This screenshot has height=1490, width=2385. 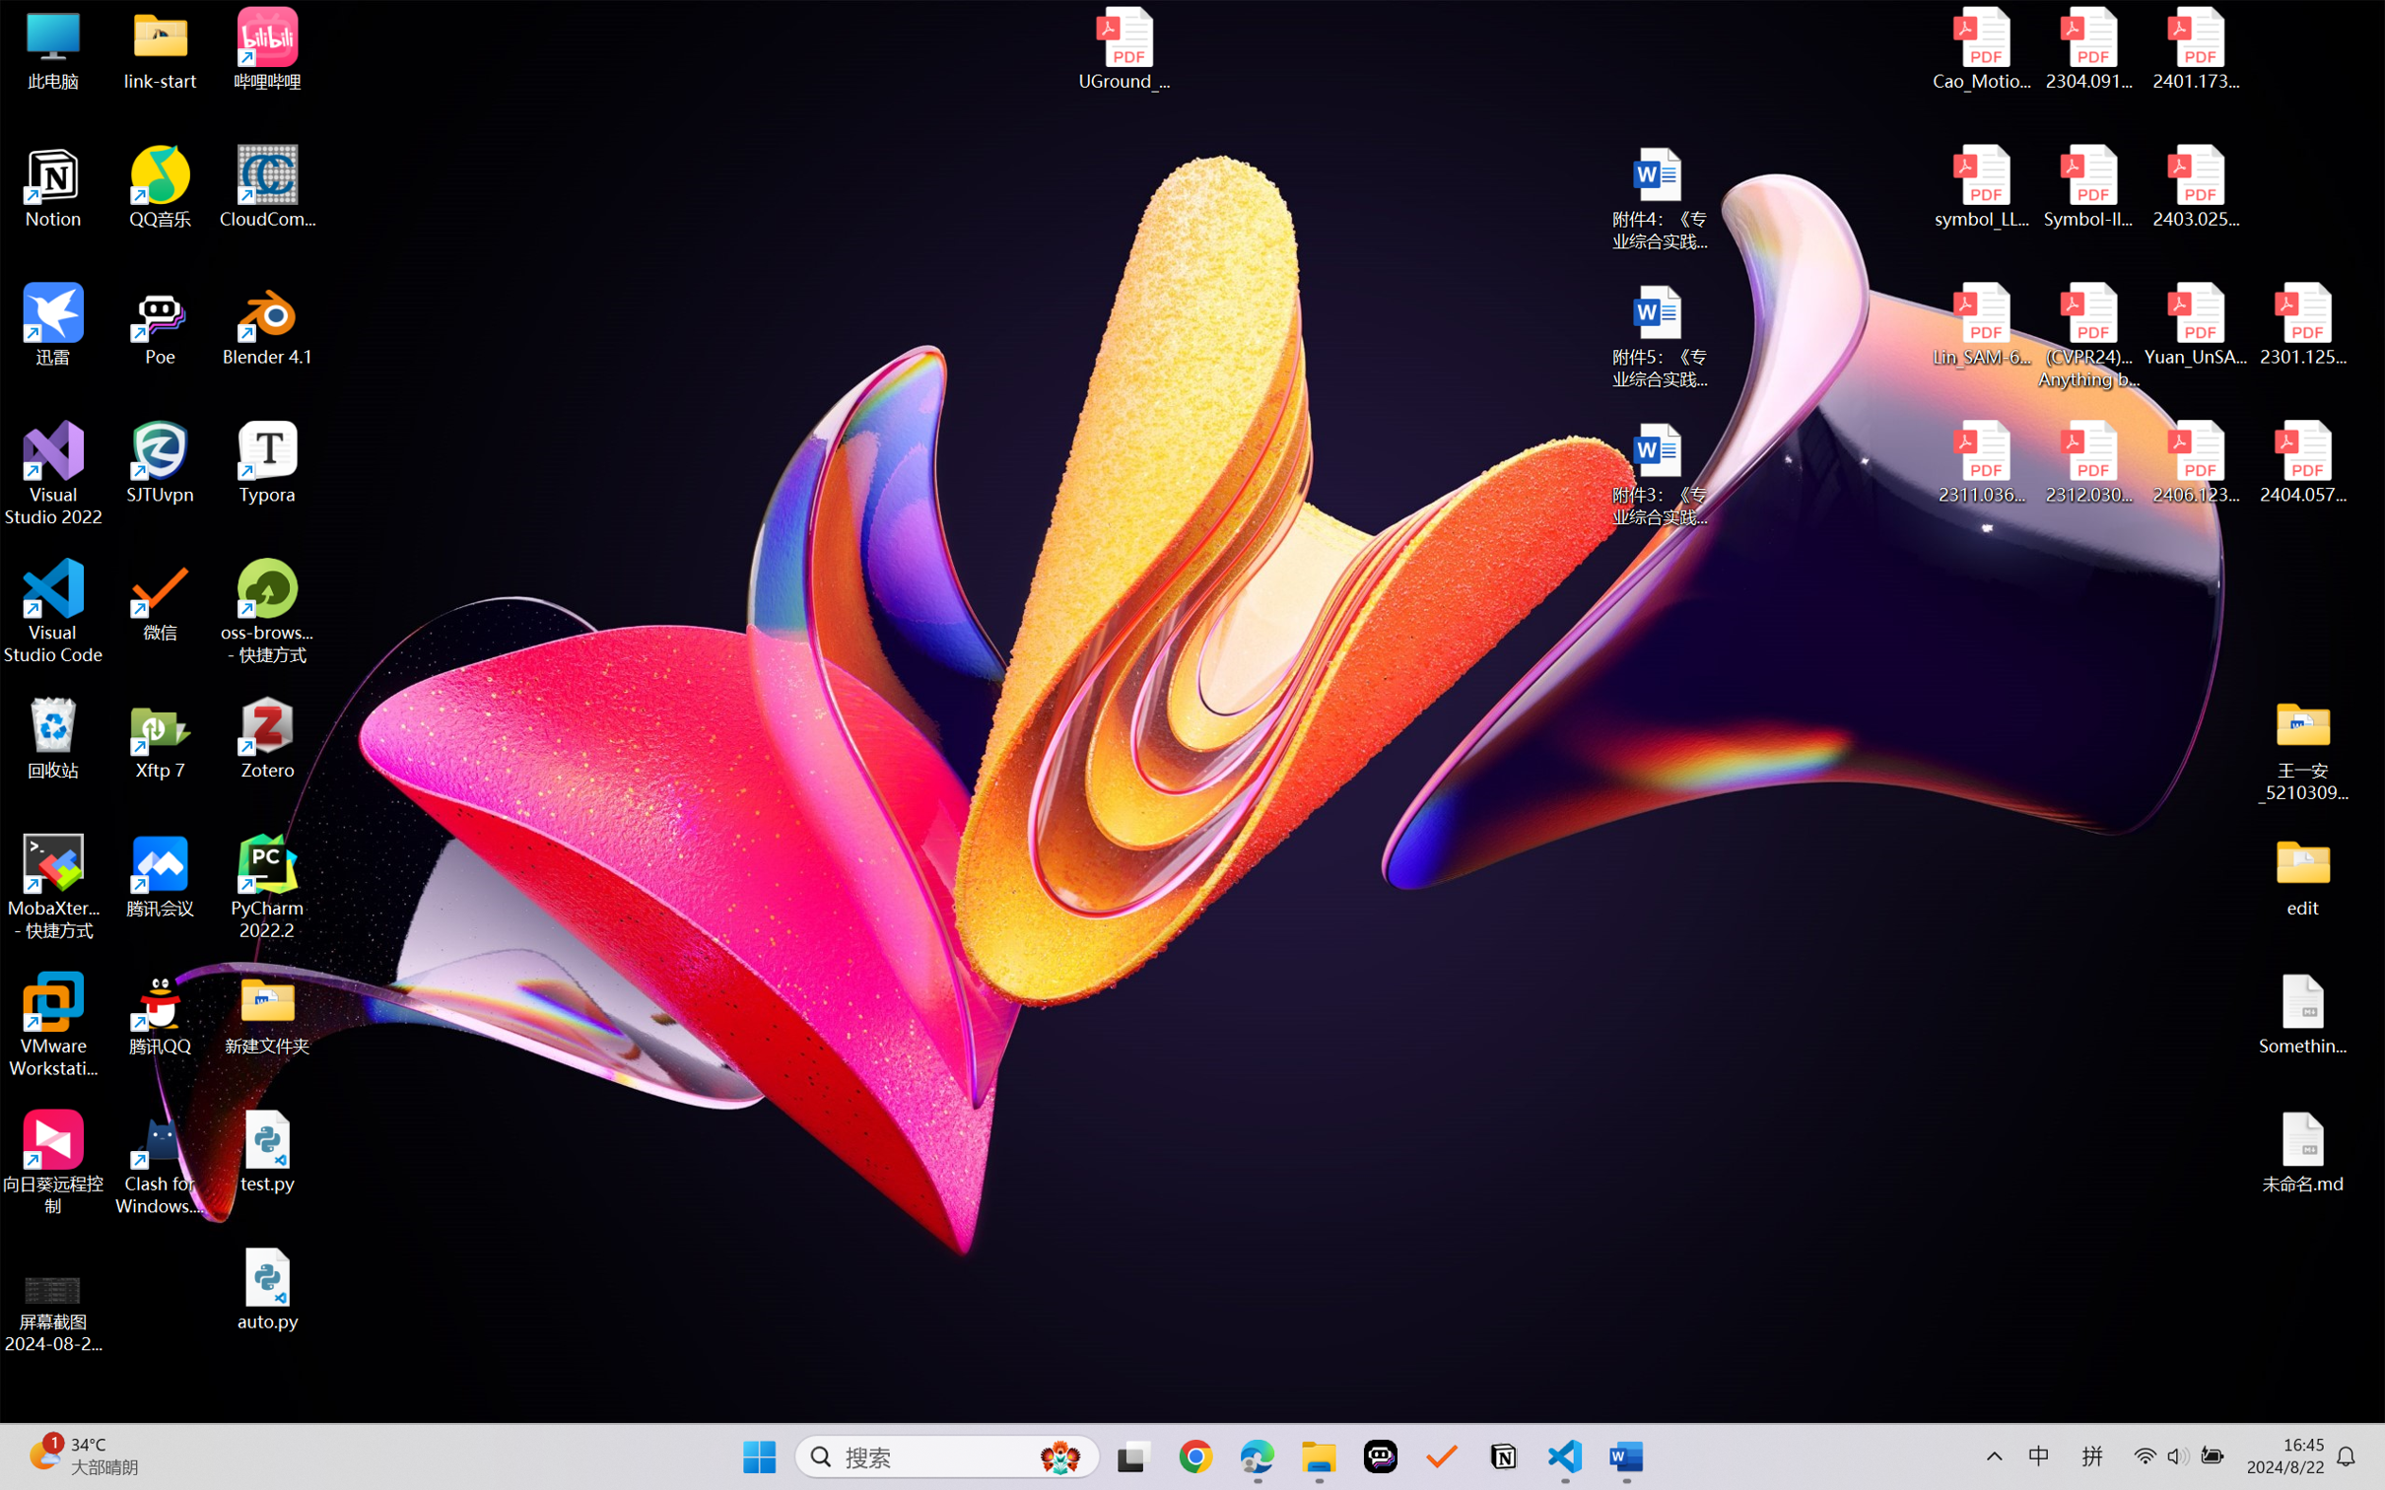 I want to click on 'CloudCompare', so click(x=267, y=187).